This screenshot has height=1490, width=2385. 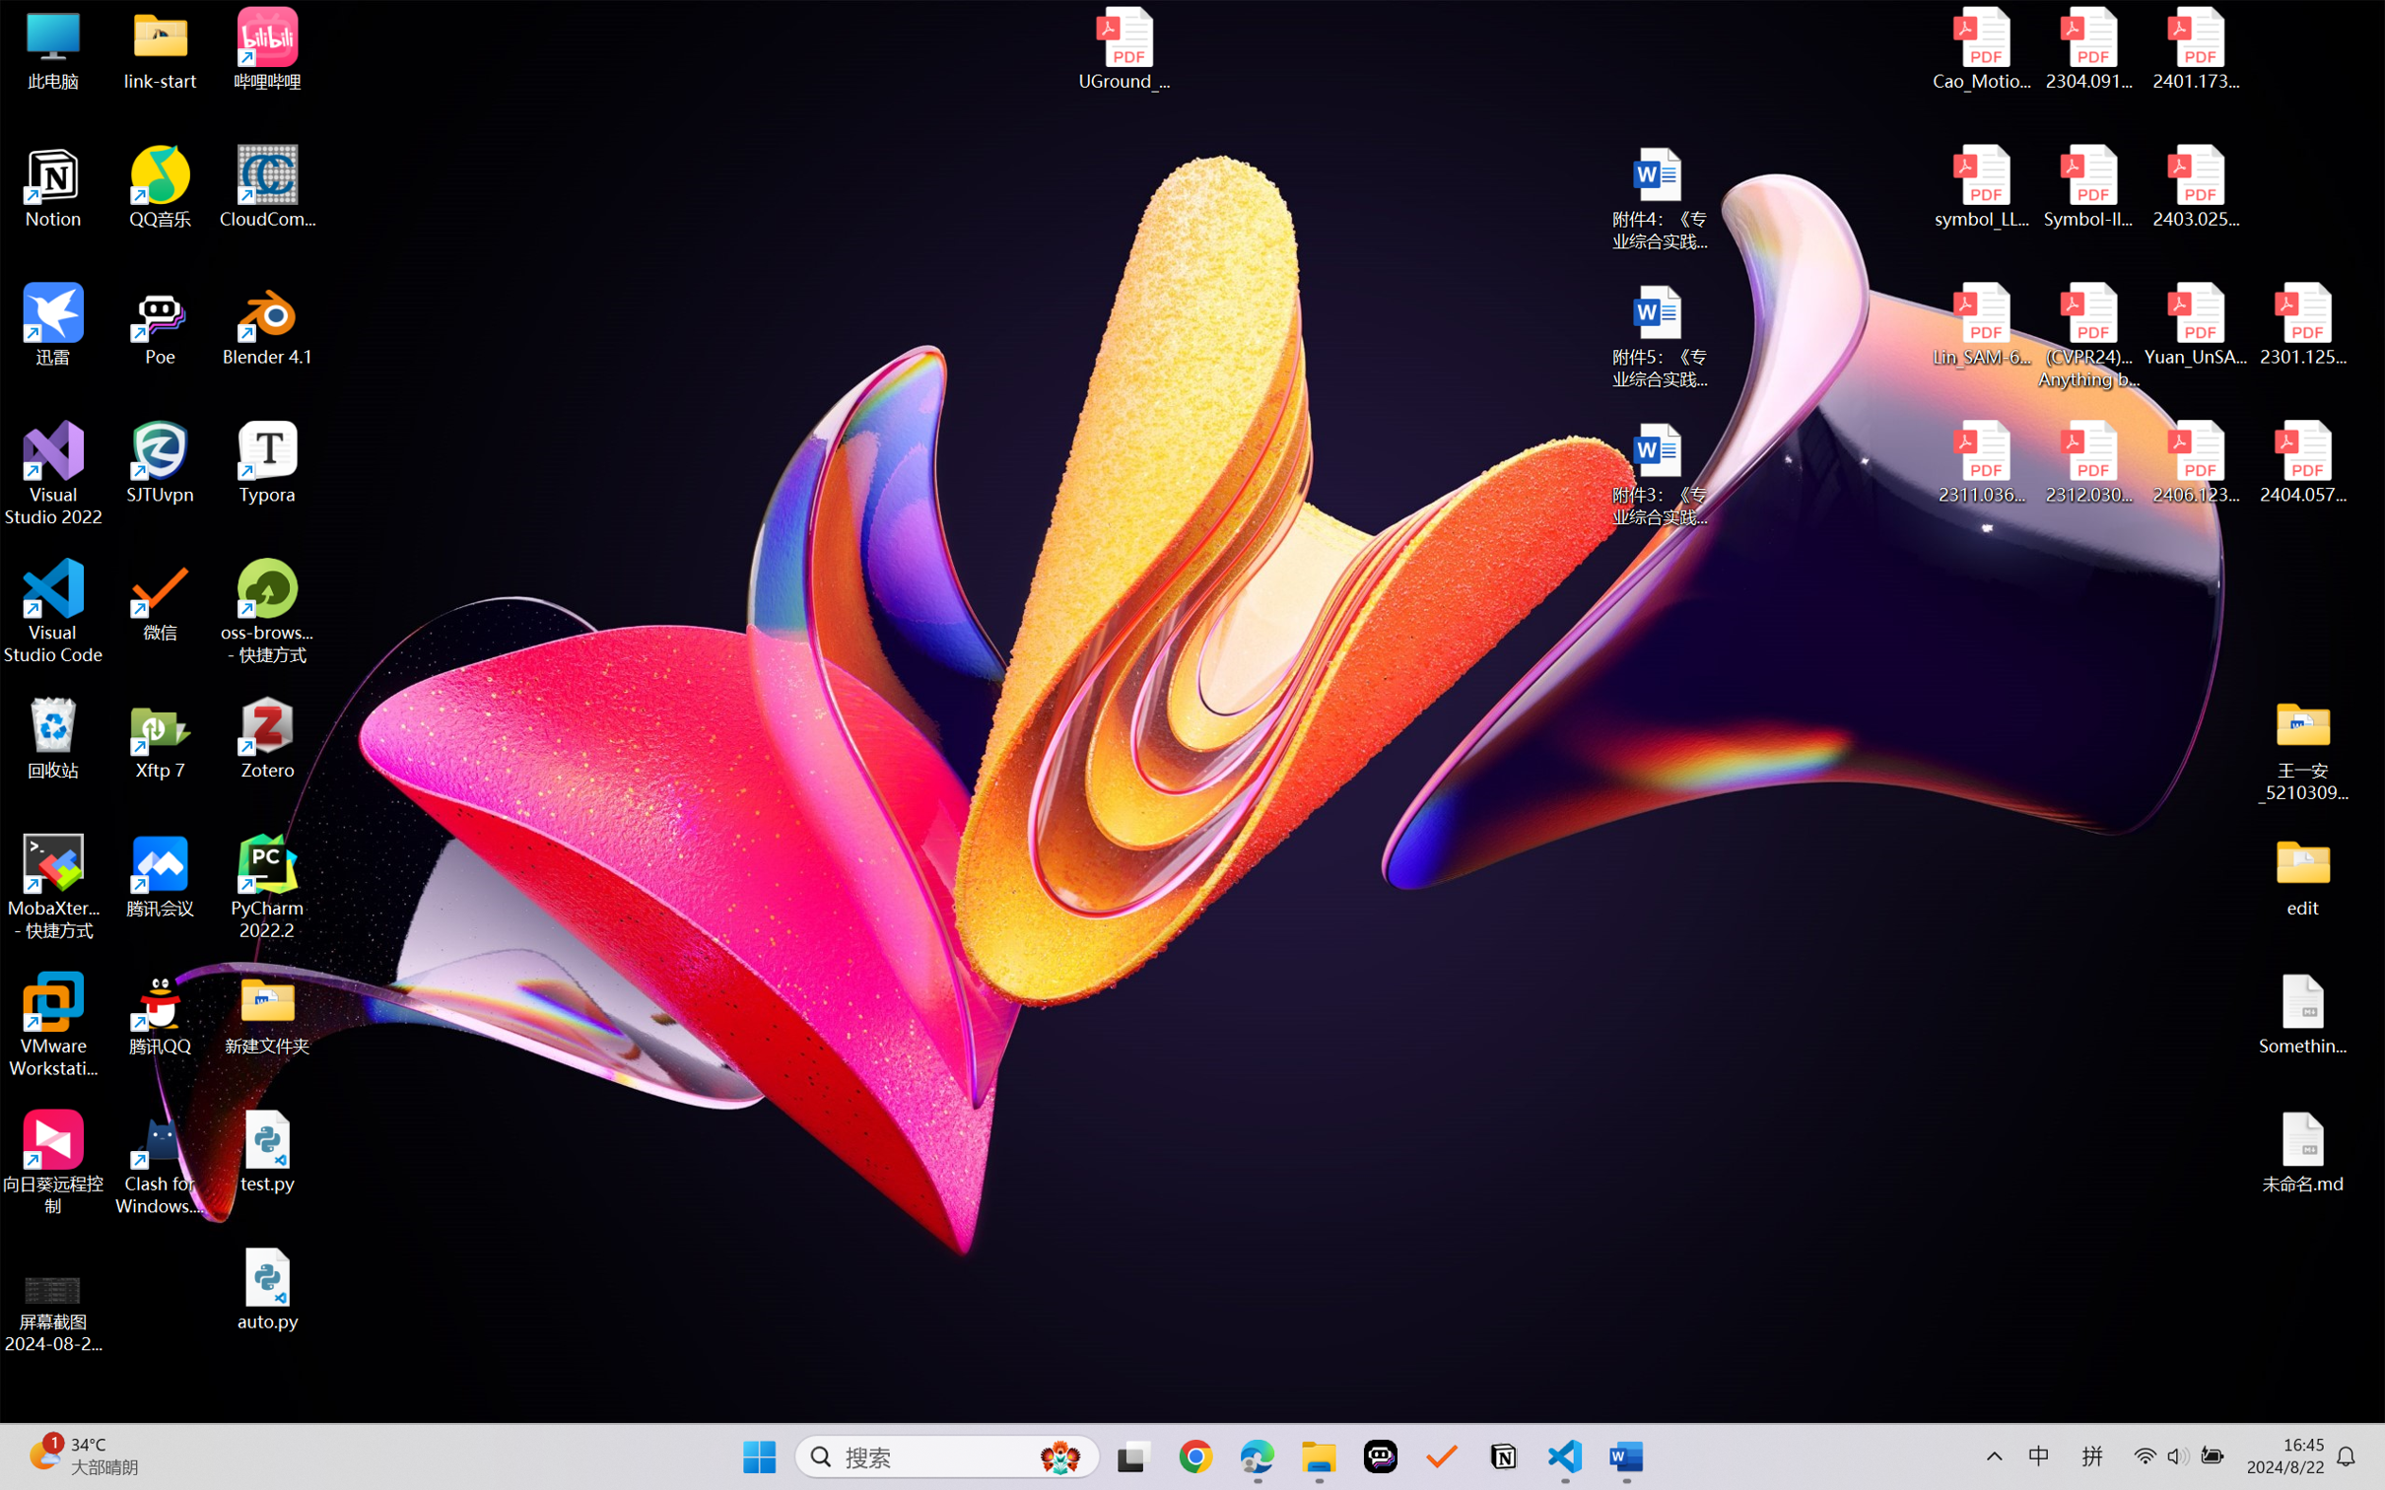 I want to click on 'CloudCompare', so click(x=267, y=187).